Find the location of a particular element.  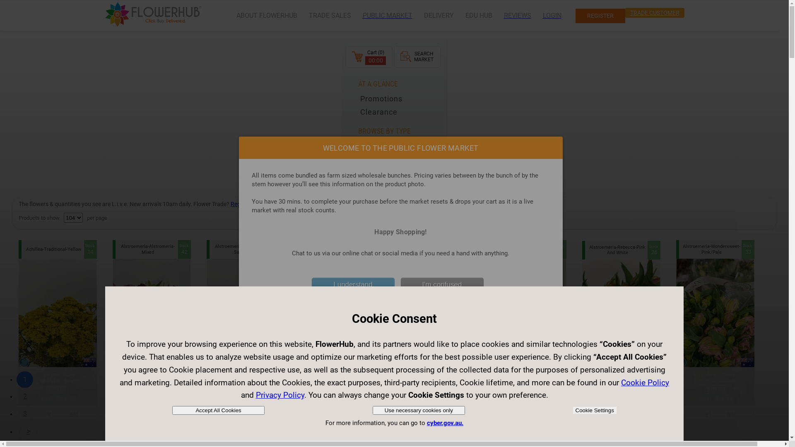

'Clearance' is located at coordinates (360, 112).